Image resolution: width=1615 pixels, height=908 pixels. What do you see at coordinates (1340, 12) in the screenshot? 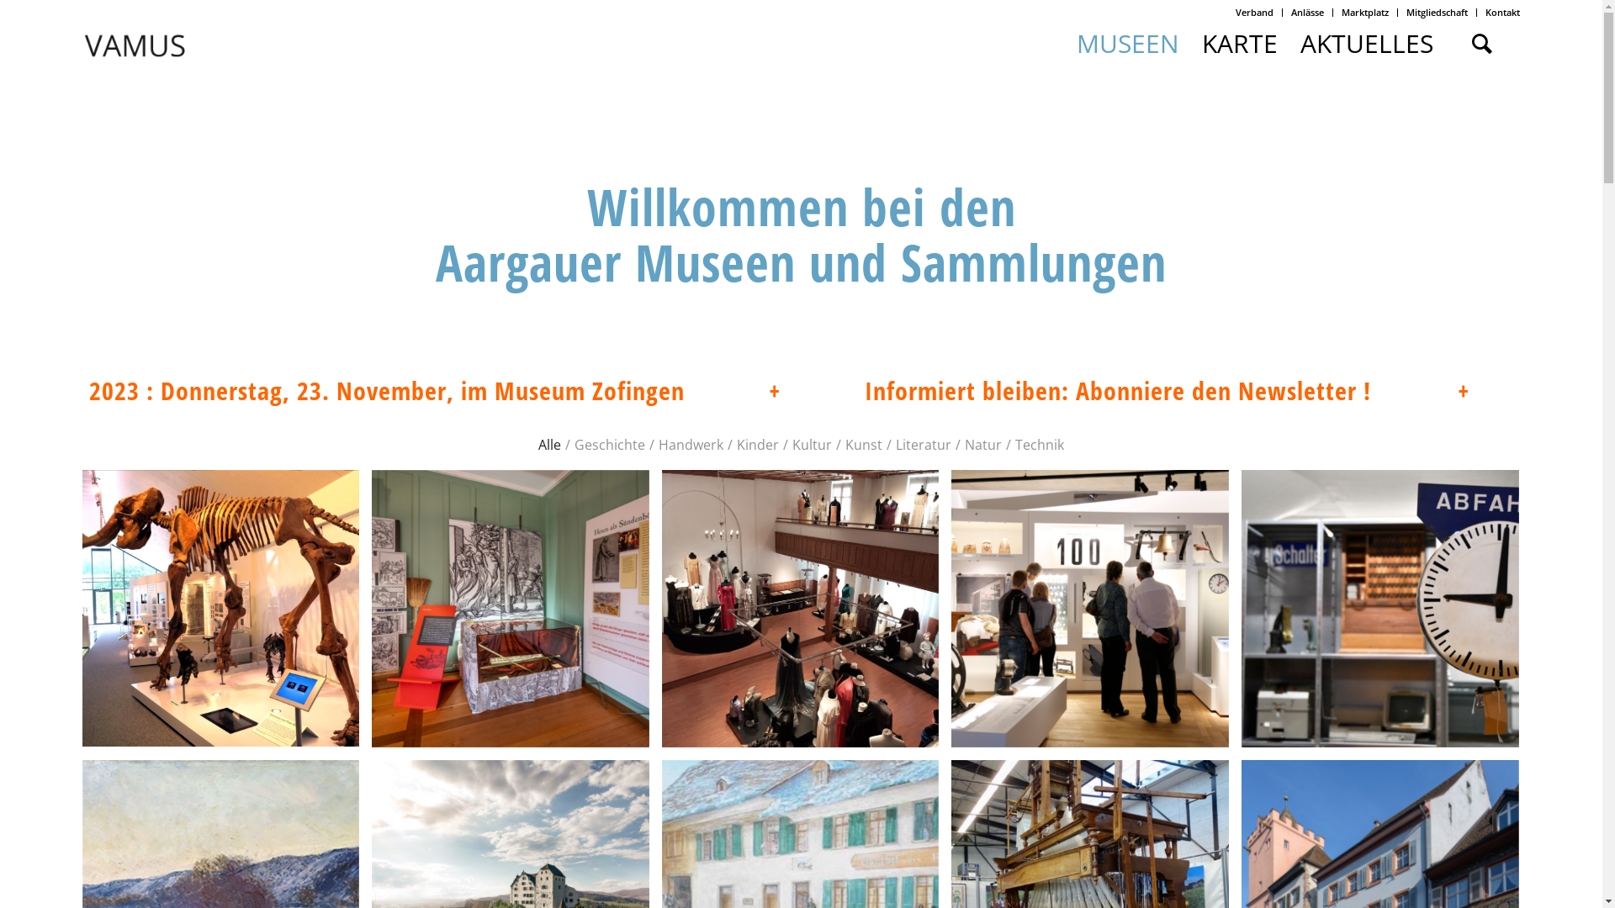
I see `'Marktplatz'` at bounding box center [1340, 12].